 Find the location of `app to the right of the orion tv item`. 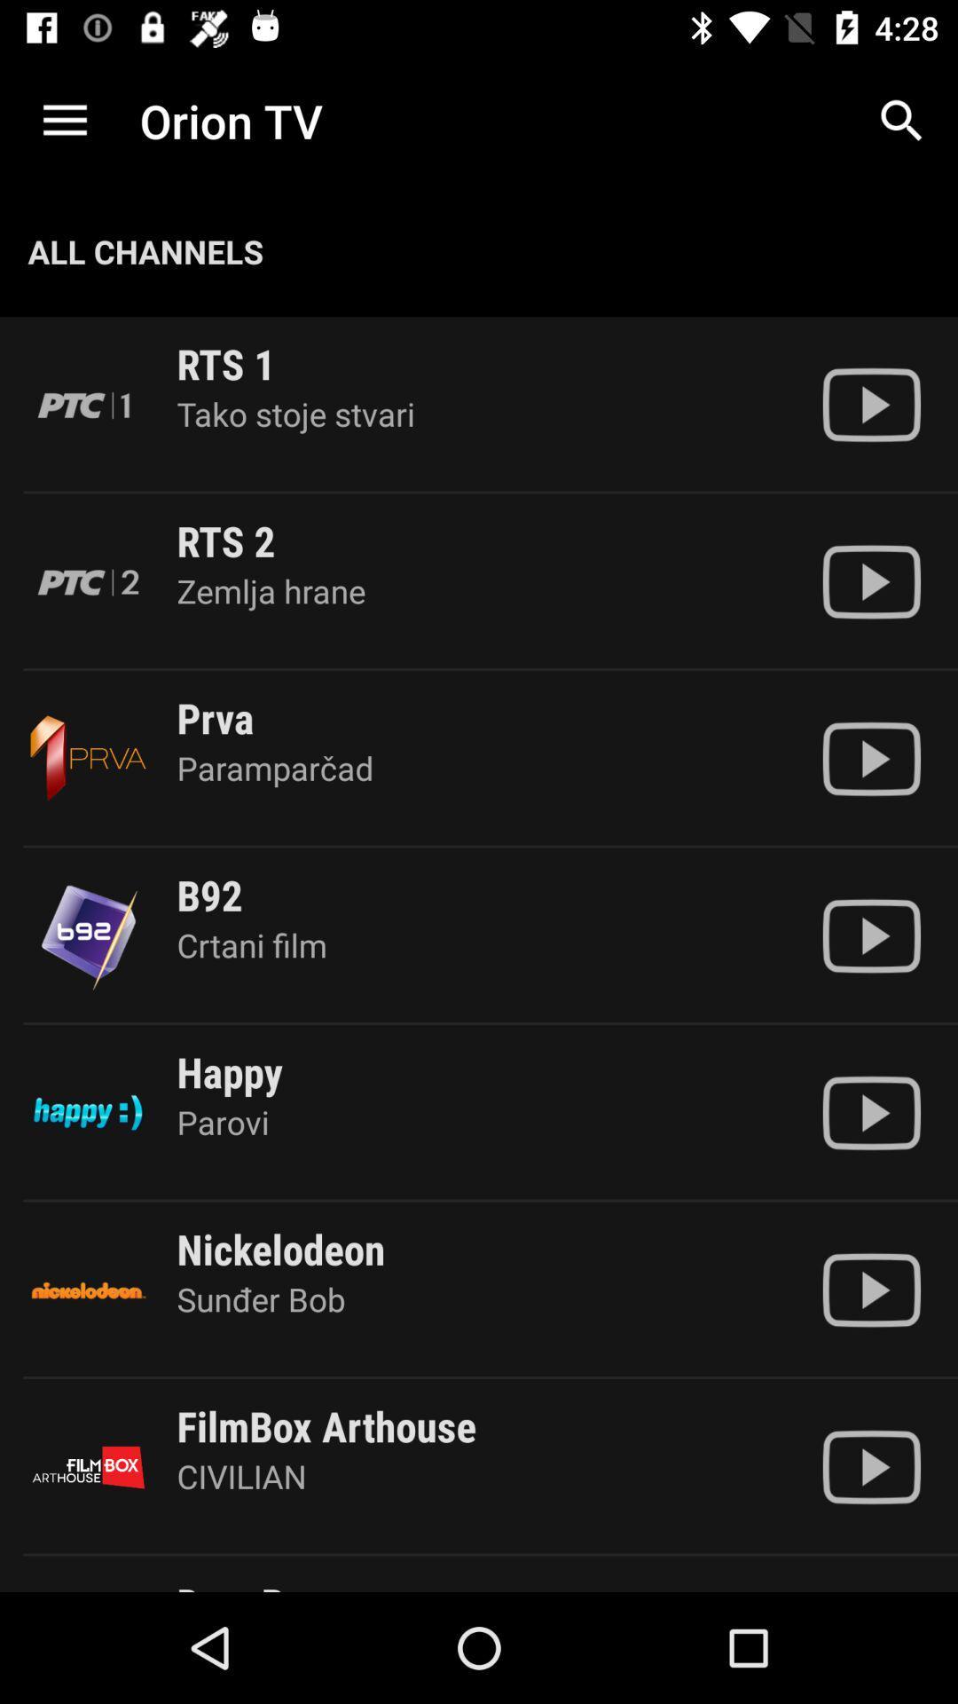

app to the right of the orion tv item is located at coordinates (902, 120).